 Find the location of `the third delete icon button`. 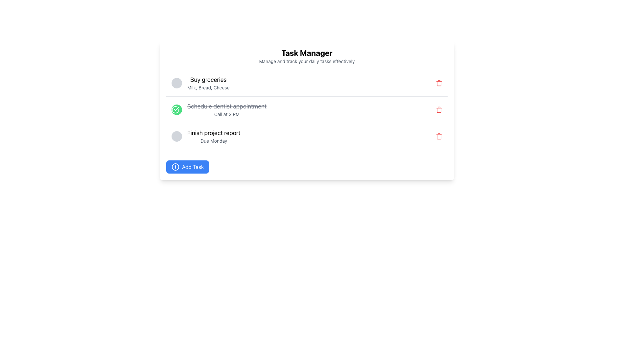

the third delete icon button is located at coordinates (439, 136).